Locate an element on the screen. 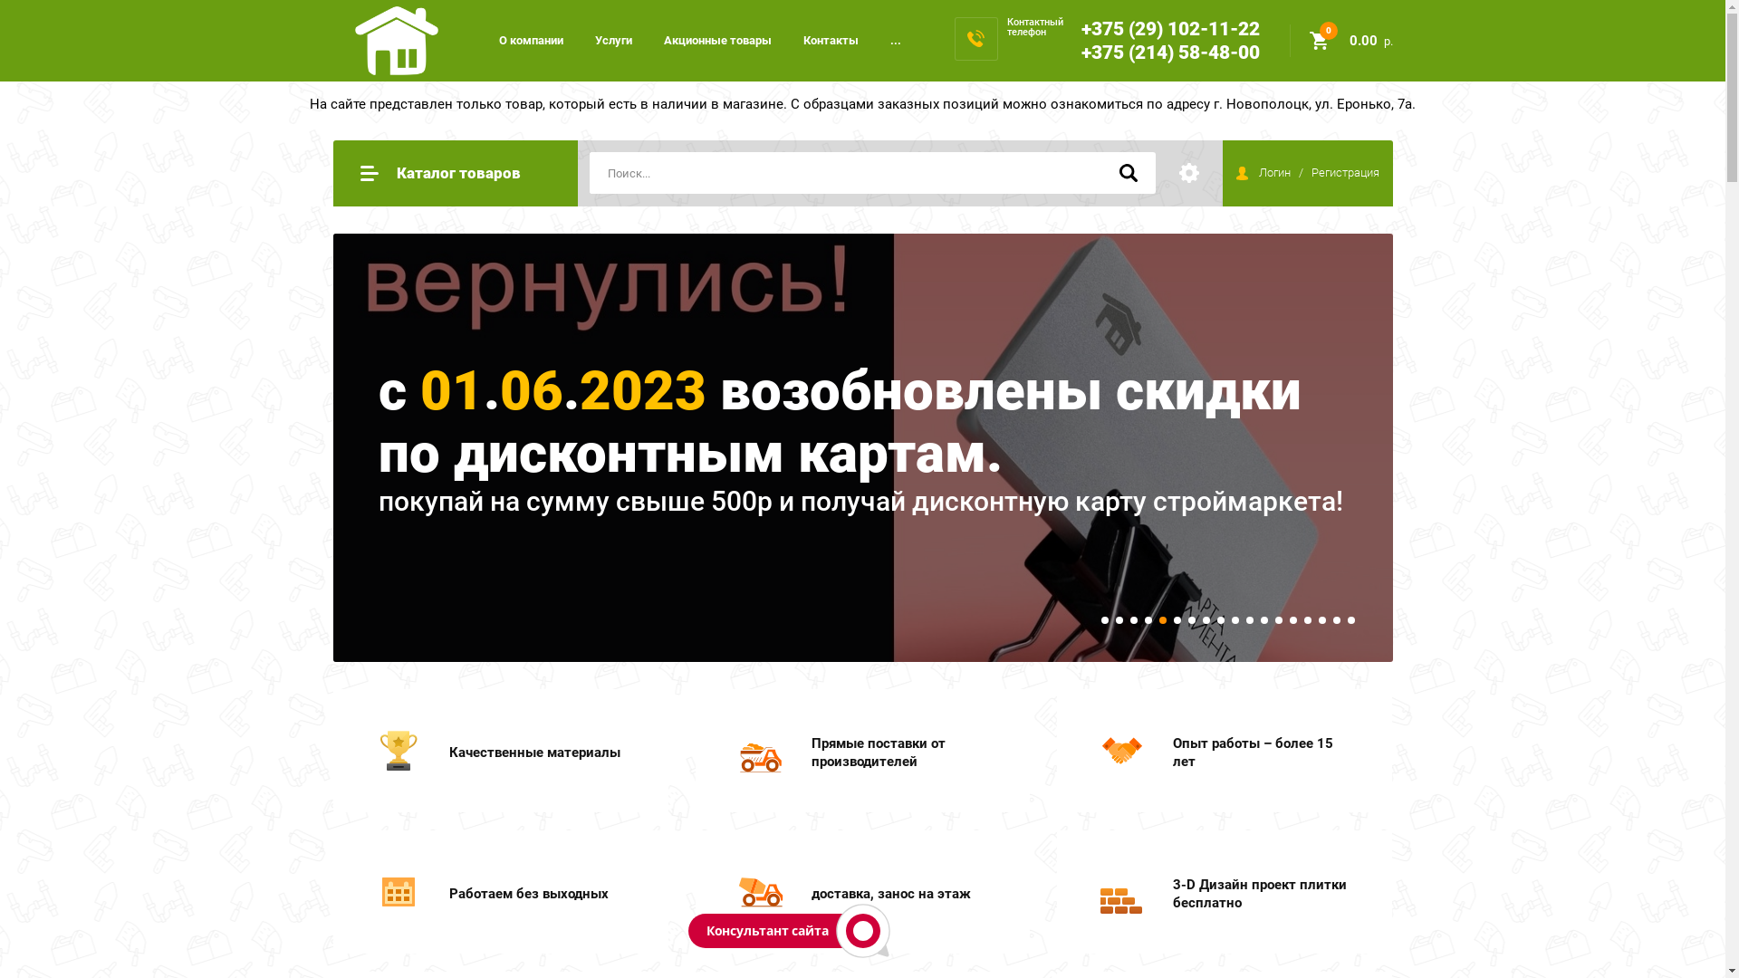 Image resolution: width=1739 pixels, height=978 pixels. '13' is located at coordinates (1277, 619).